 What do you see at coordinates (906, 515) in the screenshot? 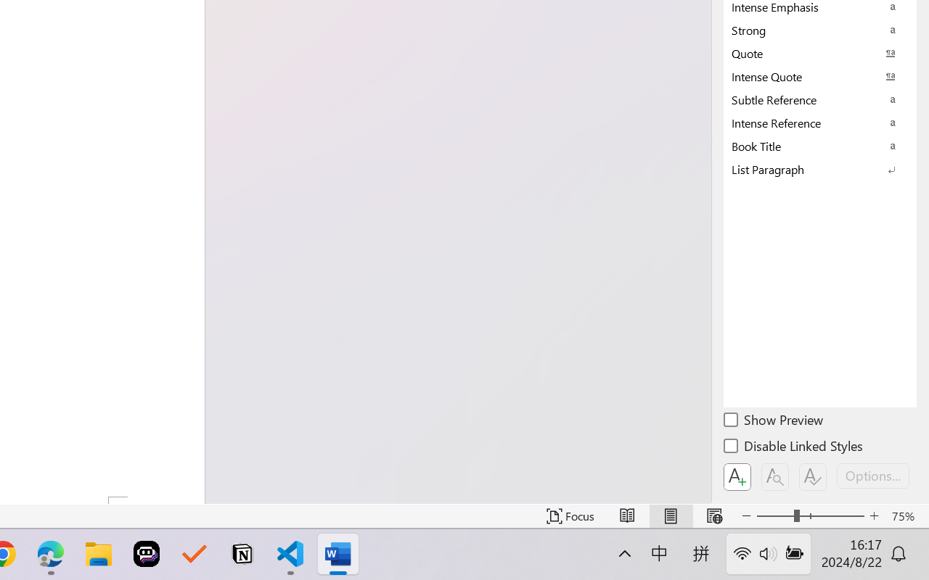
I see `'Zoom 75%'` at bounding box center [906, 515].